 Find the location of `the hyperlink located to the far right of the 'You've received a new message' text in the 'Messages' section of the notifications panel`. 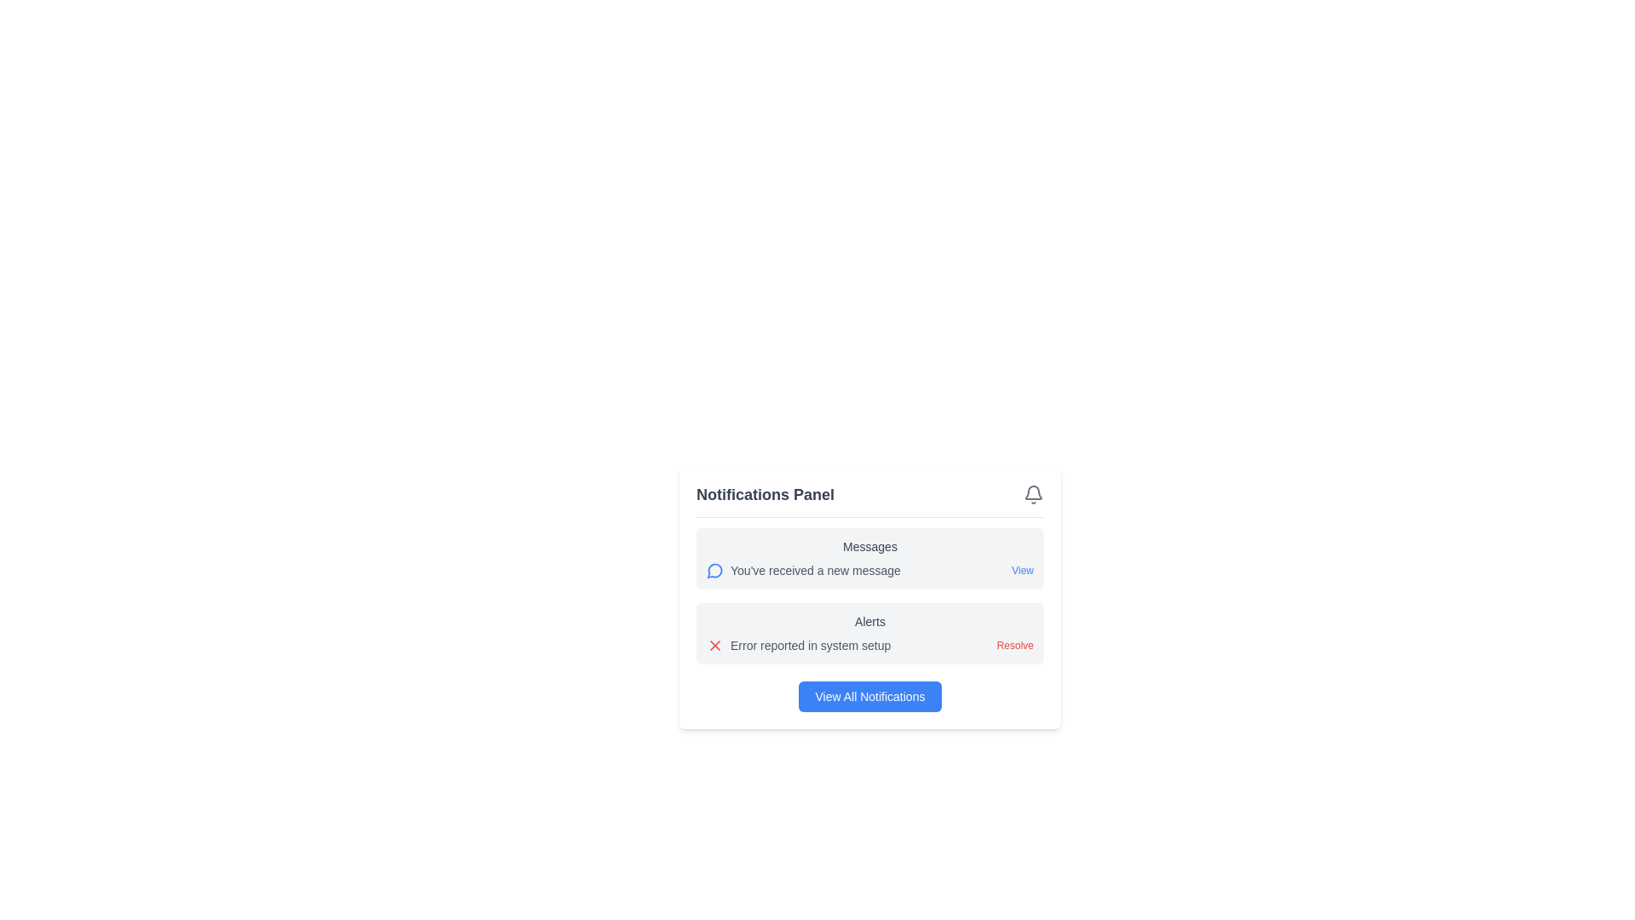

the hyperlink located to the far right of the 'You've received a new message' text in the 'Messages' section of the notifications panel is located at coordinates (1022, 571).